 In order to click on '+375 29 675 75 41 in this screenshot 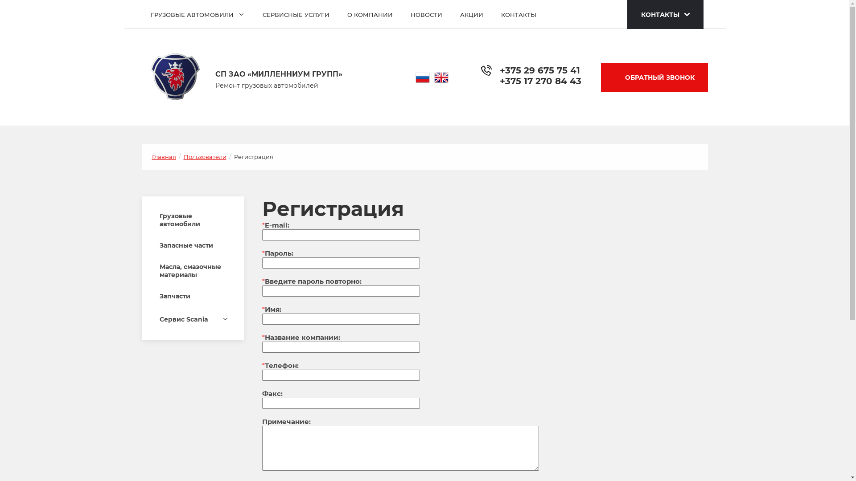, I will do `click(539, 74)`.